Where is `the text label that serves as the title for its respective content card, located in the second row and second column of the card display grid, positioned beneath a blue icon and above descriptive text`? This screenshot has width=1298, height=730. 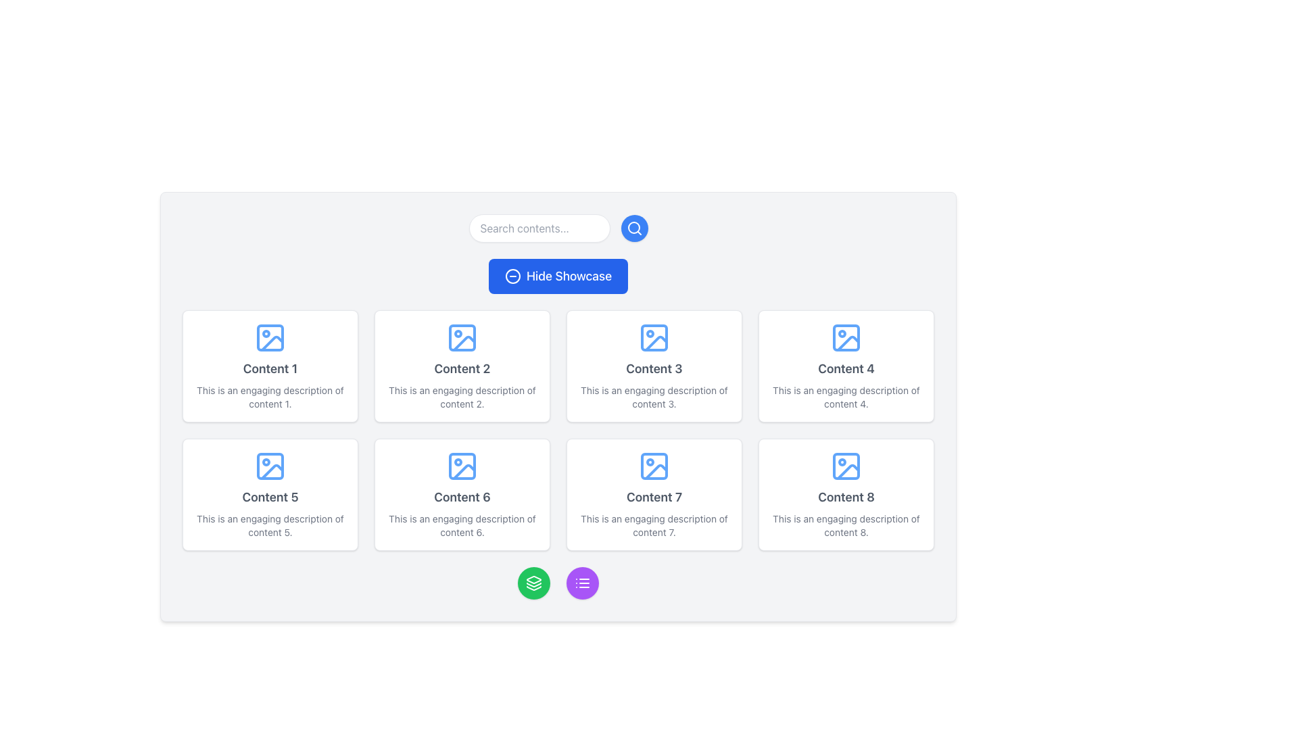 the text label that serves as the title for its respective content card, located in the second row and second column of the card display grid, positioned beneath a blue icon and above descriptive text is located at coordinates (654, 369).